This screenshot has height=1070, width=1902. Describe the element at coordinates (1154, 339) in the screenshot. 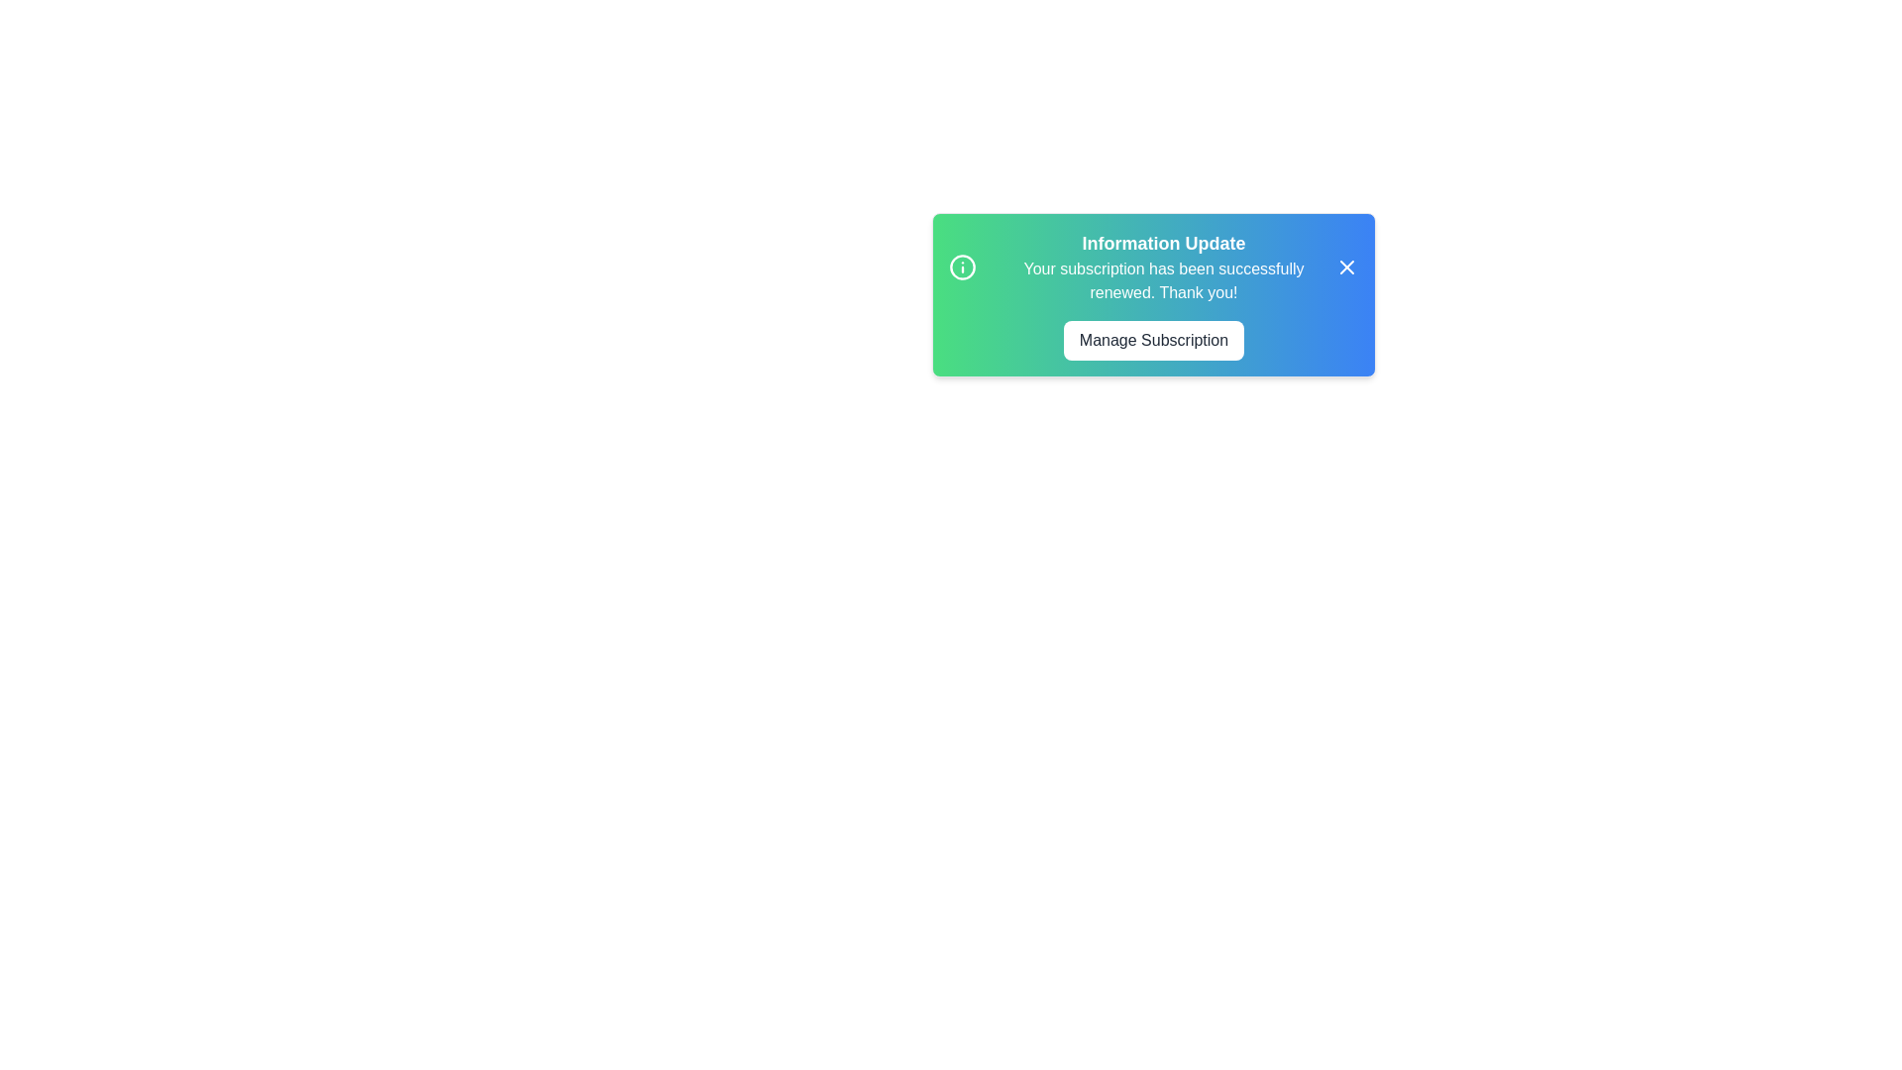

I see `the 'Manage Subscription' button` at that location.